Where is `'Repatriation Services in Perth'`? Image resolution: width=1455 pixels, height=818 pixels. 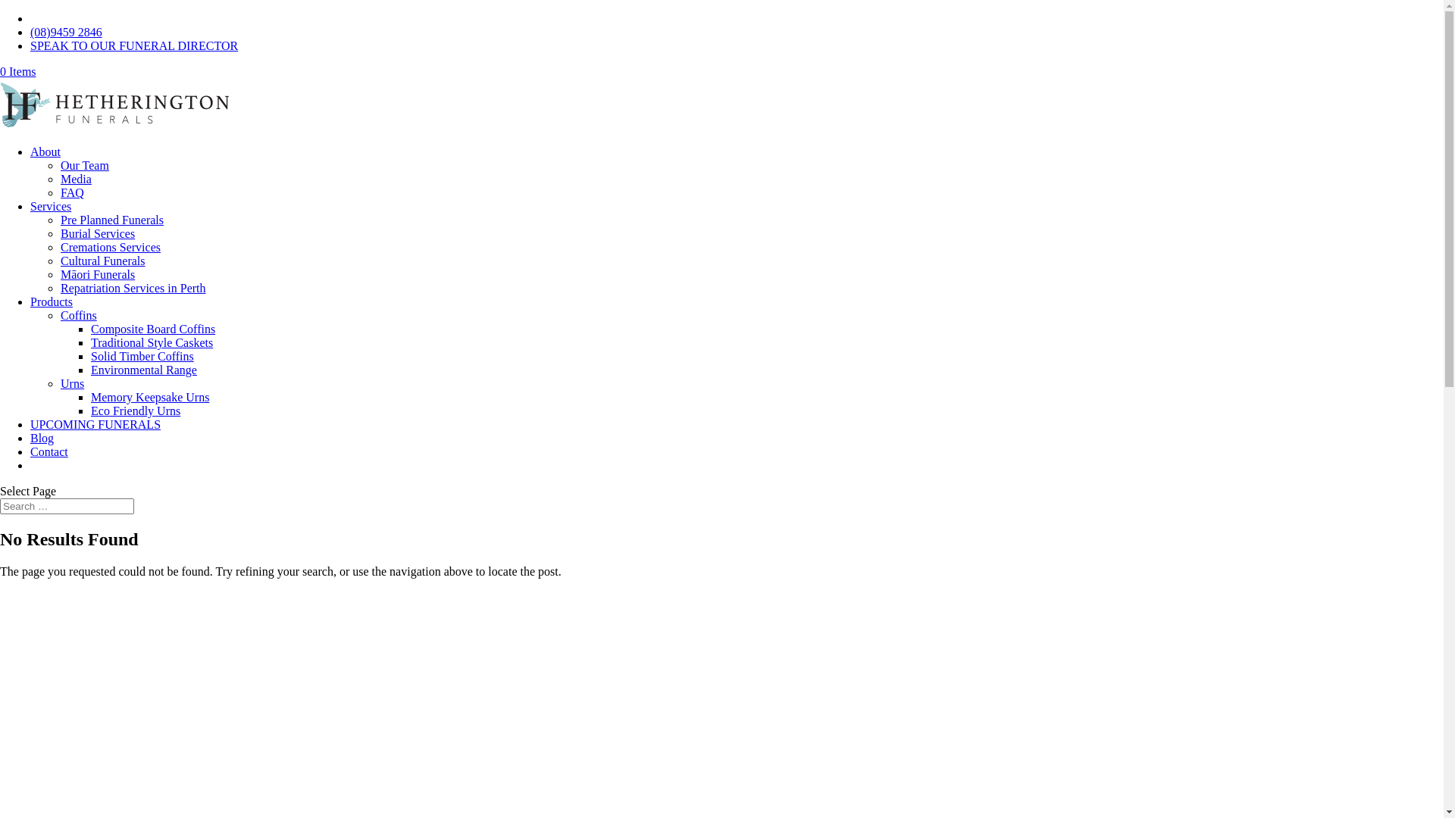 'Repatriation Services in Perth' is located at coordinates (133, 288).